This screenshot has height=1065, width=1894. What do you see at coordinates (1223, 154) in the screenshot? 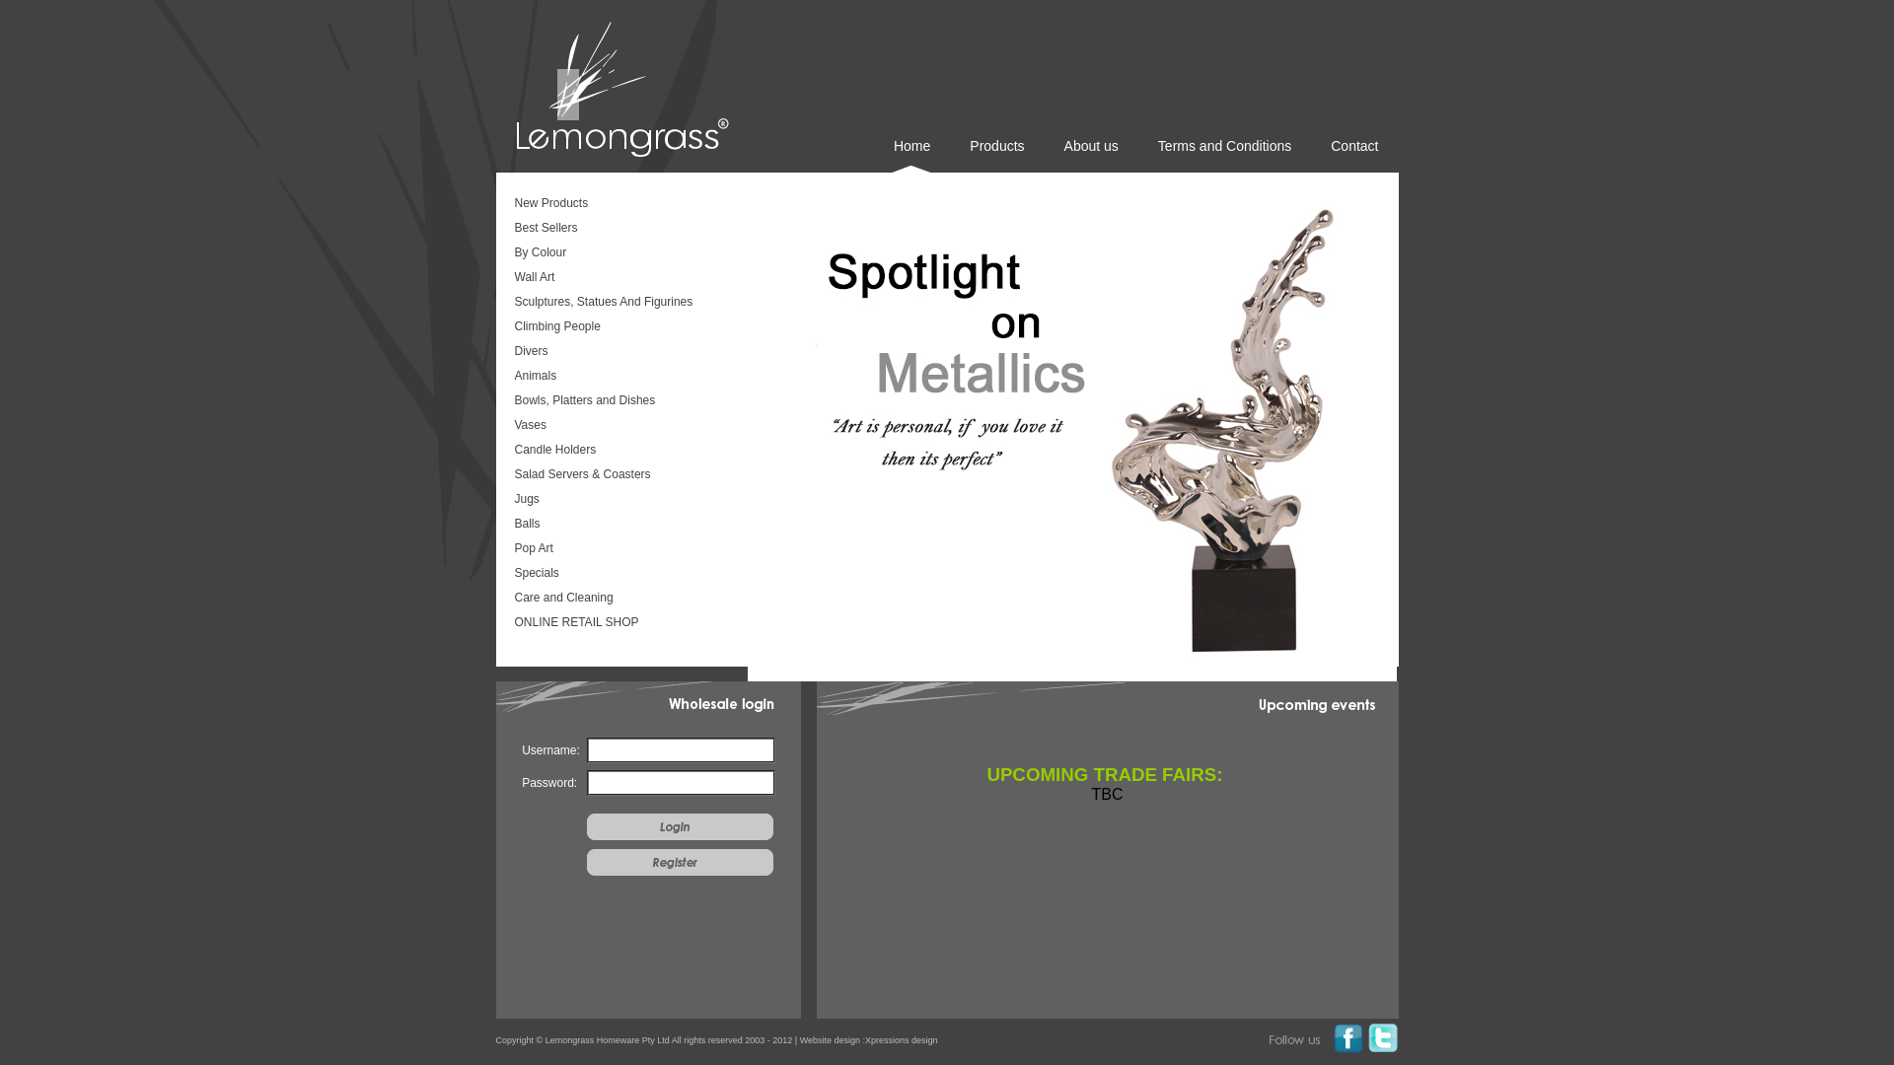
I see `'Terms and Conditions'` at bounding box center [1223, 154].